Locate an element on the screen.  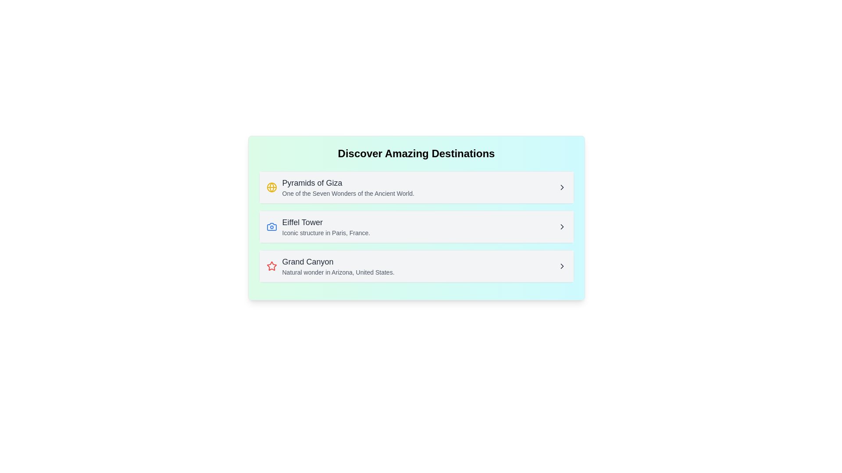
displayed text about the Grand Canyon, which is located in the third row of a vertical list, following the items 'Pyramids of Giza' and 'Eiffel Tower'. It is visually marked by a red star icon positioned to its left is located at coordinates (338, 266).